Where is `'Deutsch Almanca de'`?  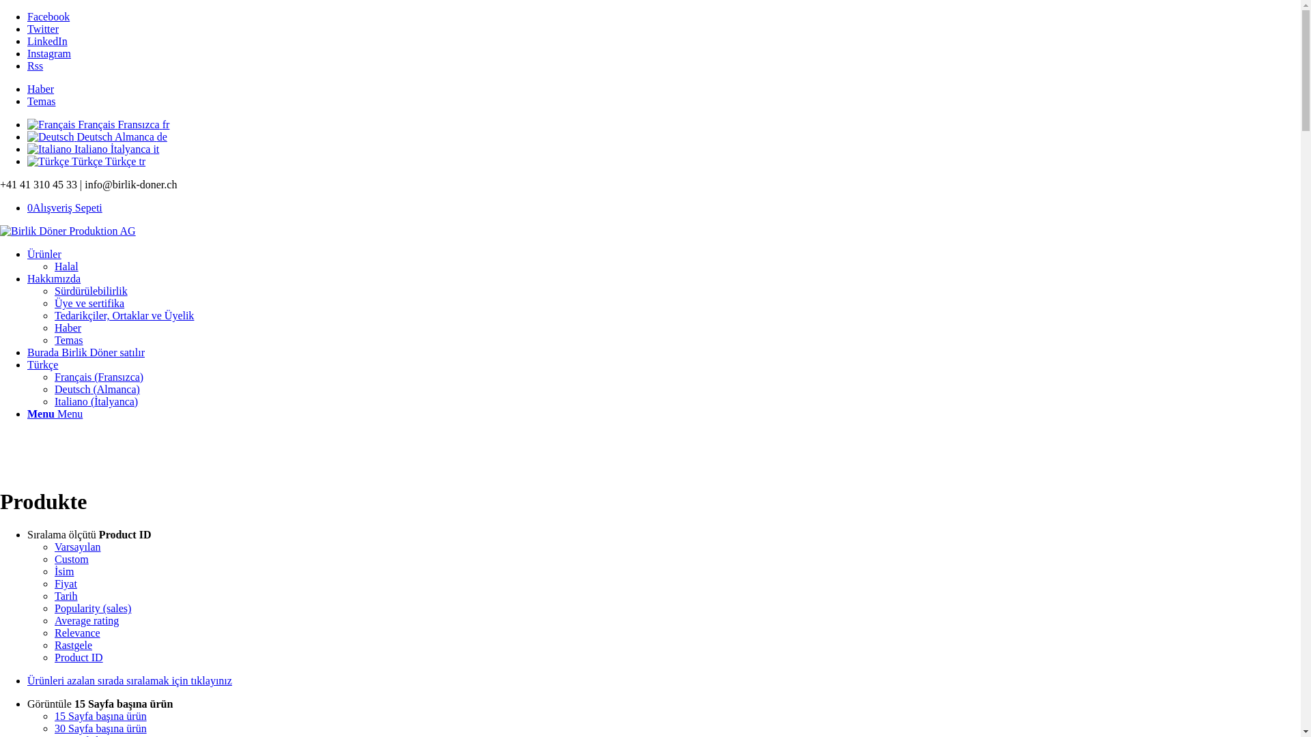 'Deutsch Almanca de' is located at coordinates (96, 136).